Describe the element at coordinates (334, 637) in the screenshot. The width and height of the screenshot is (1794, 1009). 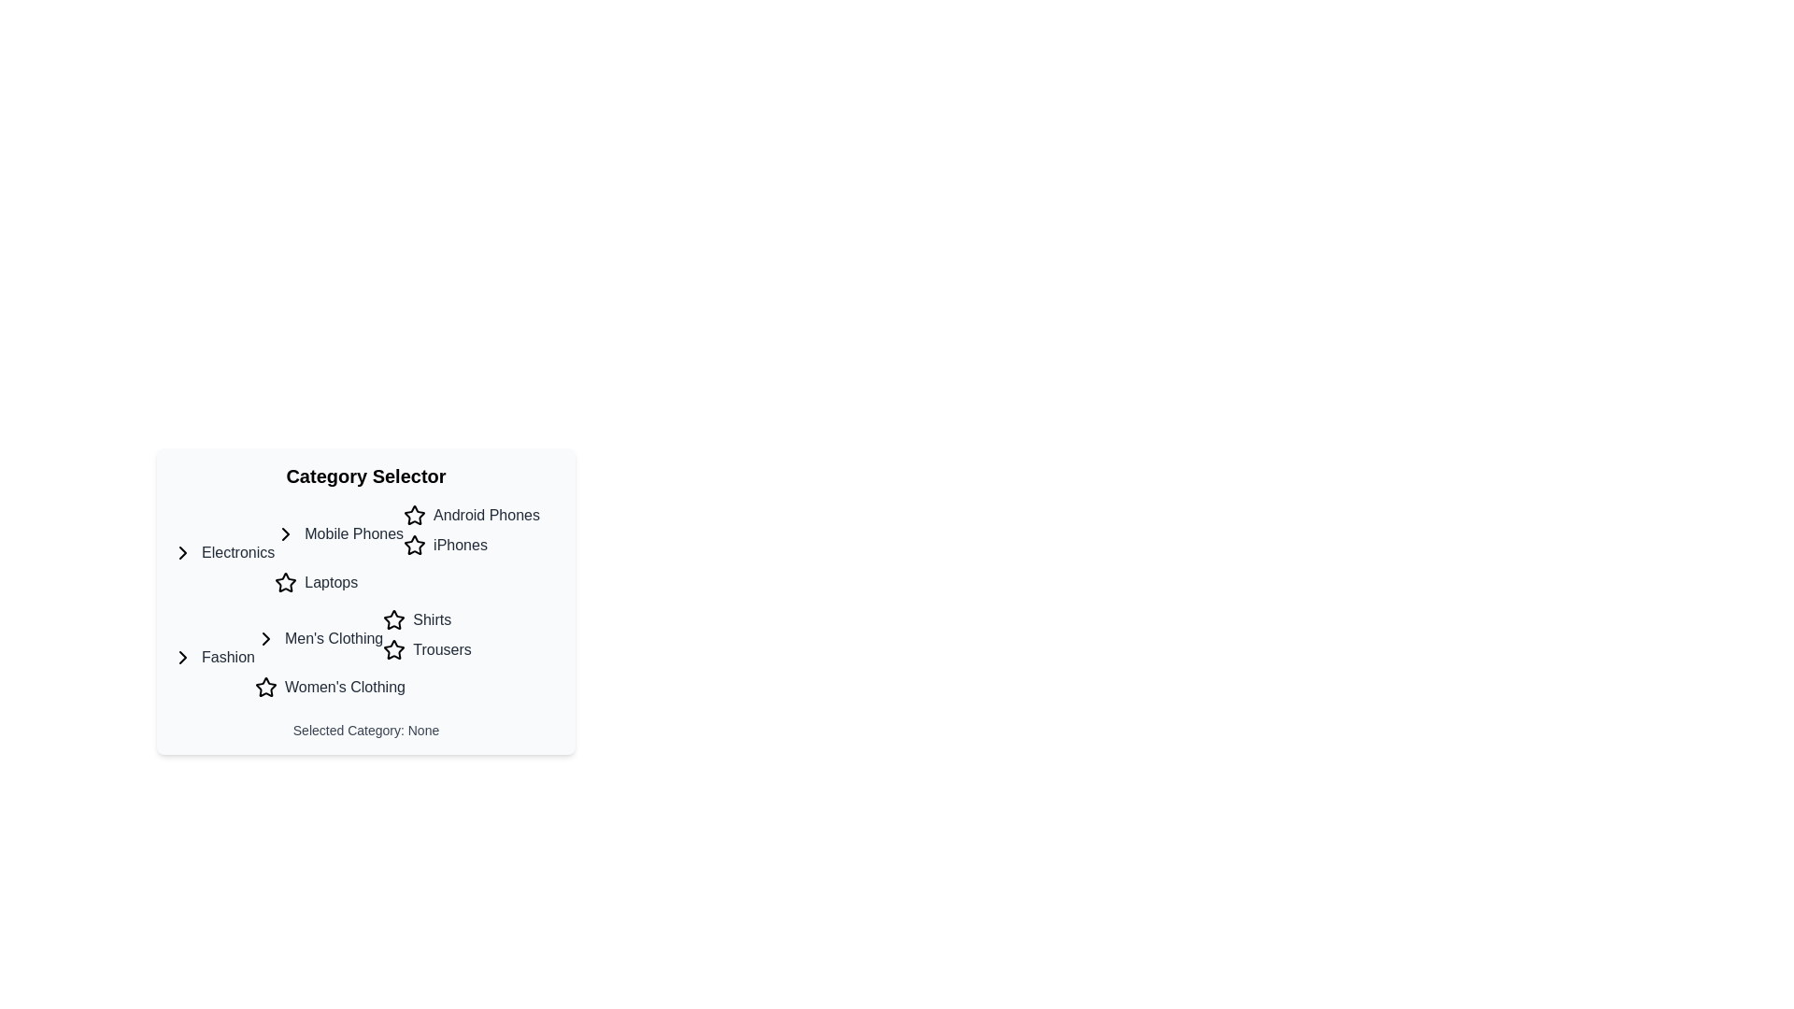
I see `the 'Men's Clothing' clickable label located` at that location.